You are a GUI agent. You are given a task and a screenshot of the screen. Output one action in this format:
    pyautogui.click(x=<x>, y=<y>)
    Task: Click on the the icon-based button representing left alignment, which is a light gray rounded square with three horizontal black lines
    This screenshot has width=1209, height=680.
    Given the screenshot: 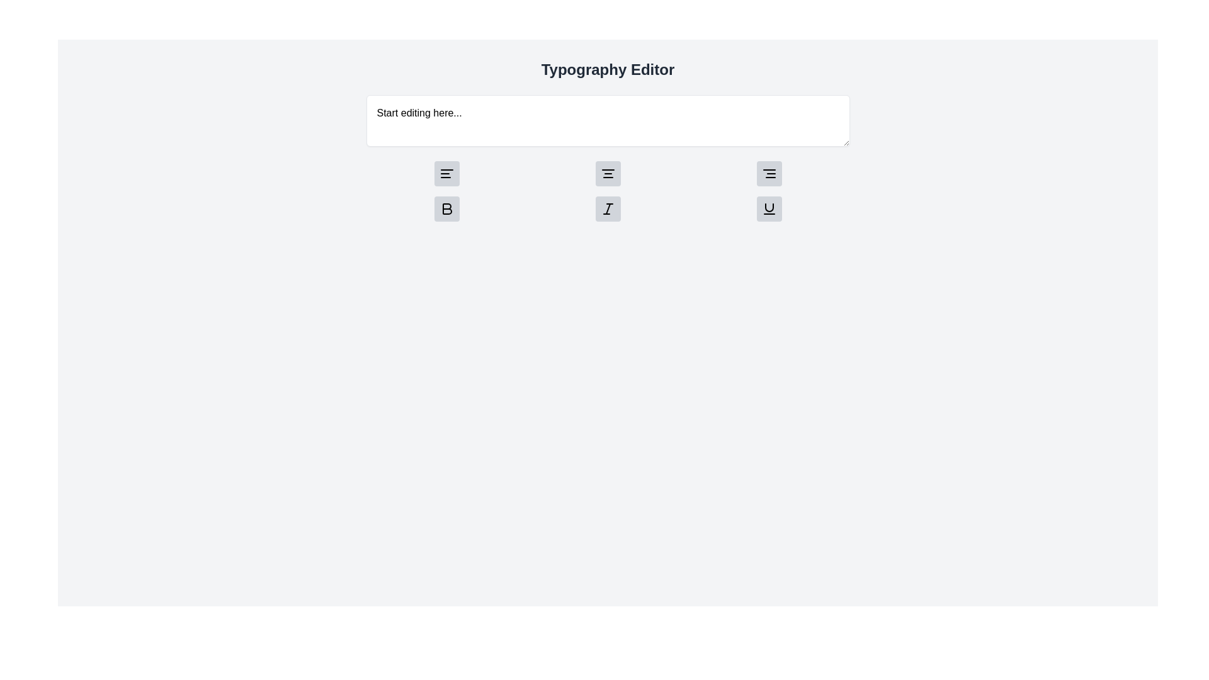 What is the action you would take?
    pyautogui.click(x=446, y=174)
    